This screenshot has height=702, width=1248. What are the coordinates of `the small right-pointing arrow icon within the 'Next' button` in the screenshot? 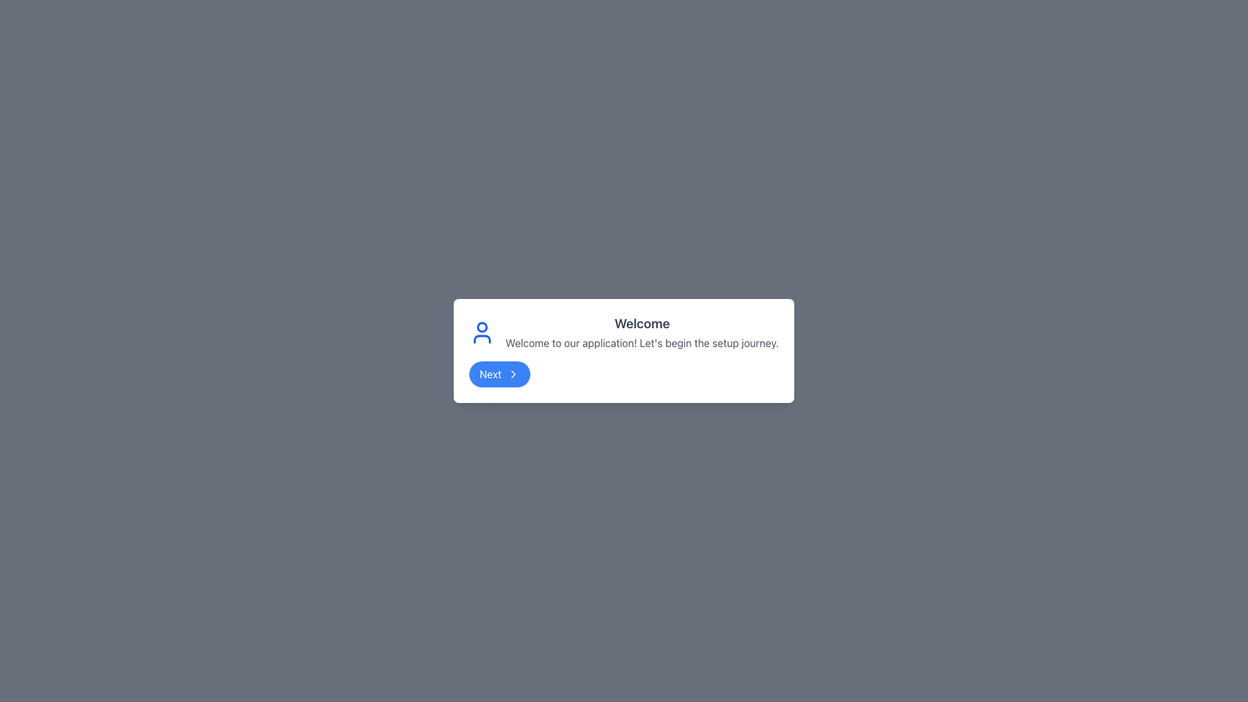 It's located at (512, 374).